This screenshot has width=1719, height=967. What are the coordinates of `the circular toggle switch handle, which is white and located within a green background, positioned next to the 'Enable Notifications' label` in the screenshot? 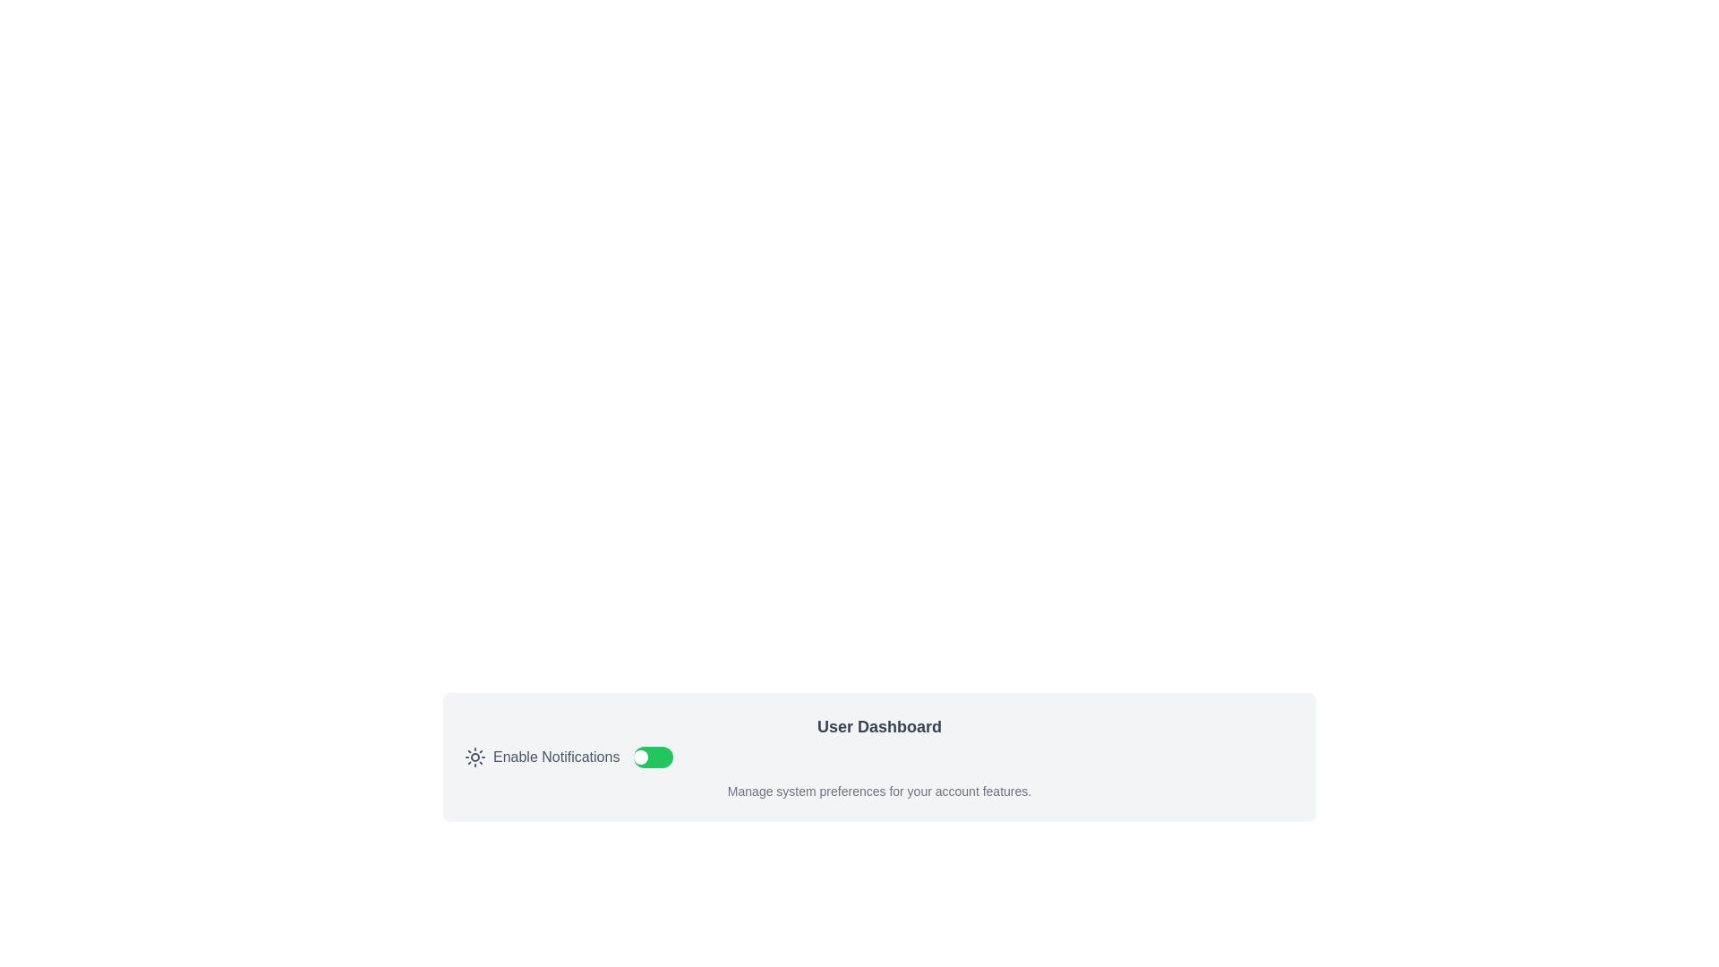 It's located at (641, 757).